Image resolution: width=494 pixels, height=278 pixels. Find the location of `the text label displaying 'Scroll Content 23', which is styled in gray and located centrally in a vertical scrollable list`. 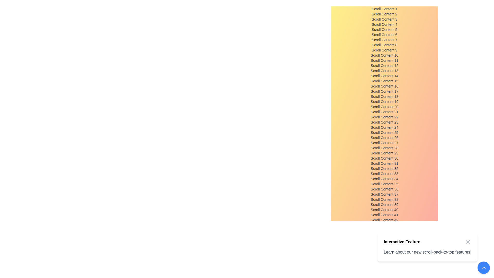

the text label displaying 'Scroll Content 23', which is styled in gray and located centrally in a vertical scrollable list is located at coordinates (384, 122).